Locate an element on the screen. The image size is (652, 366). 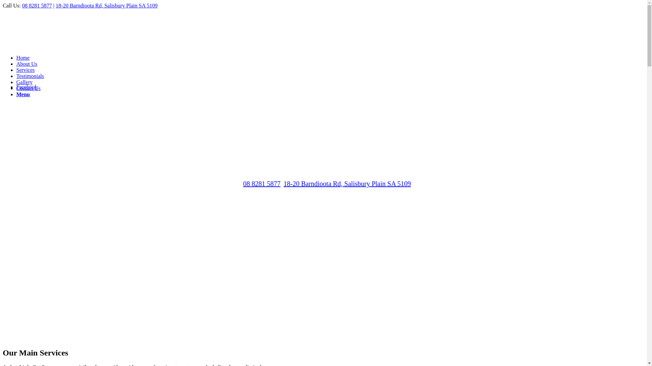
'Testimonials' is located at coordinates (30, 76).